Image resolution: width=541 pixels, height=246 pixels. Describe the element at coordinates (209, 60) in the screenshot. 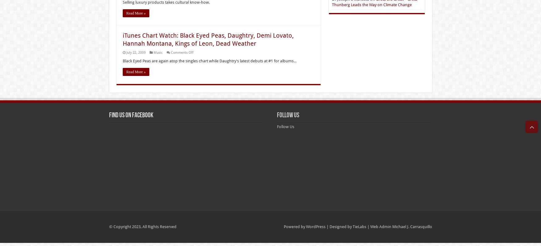

I see `'Black Eyed Peas are again atop the singles chart while Daughtry's latest debuts at #1 for albums...'` at that location.